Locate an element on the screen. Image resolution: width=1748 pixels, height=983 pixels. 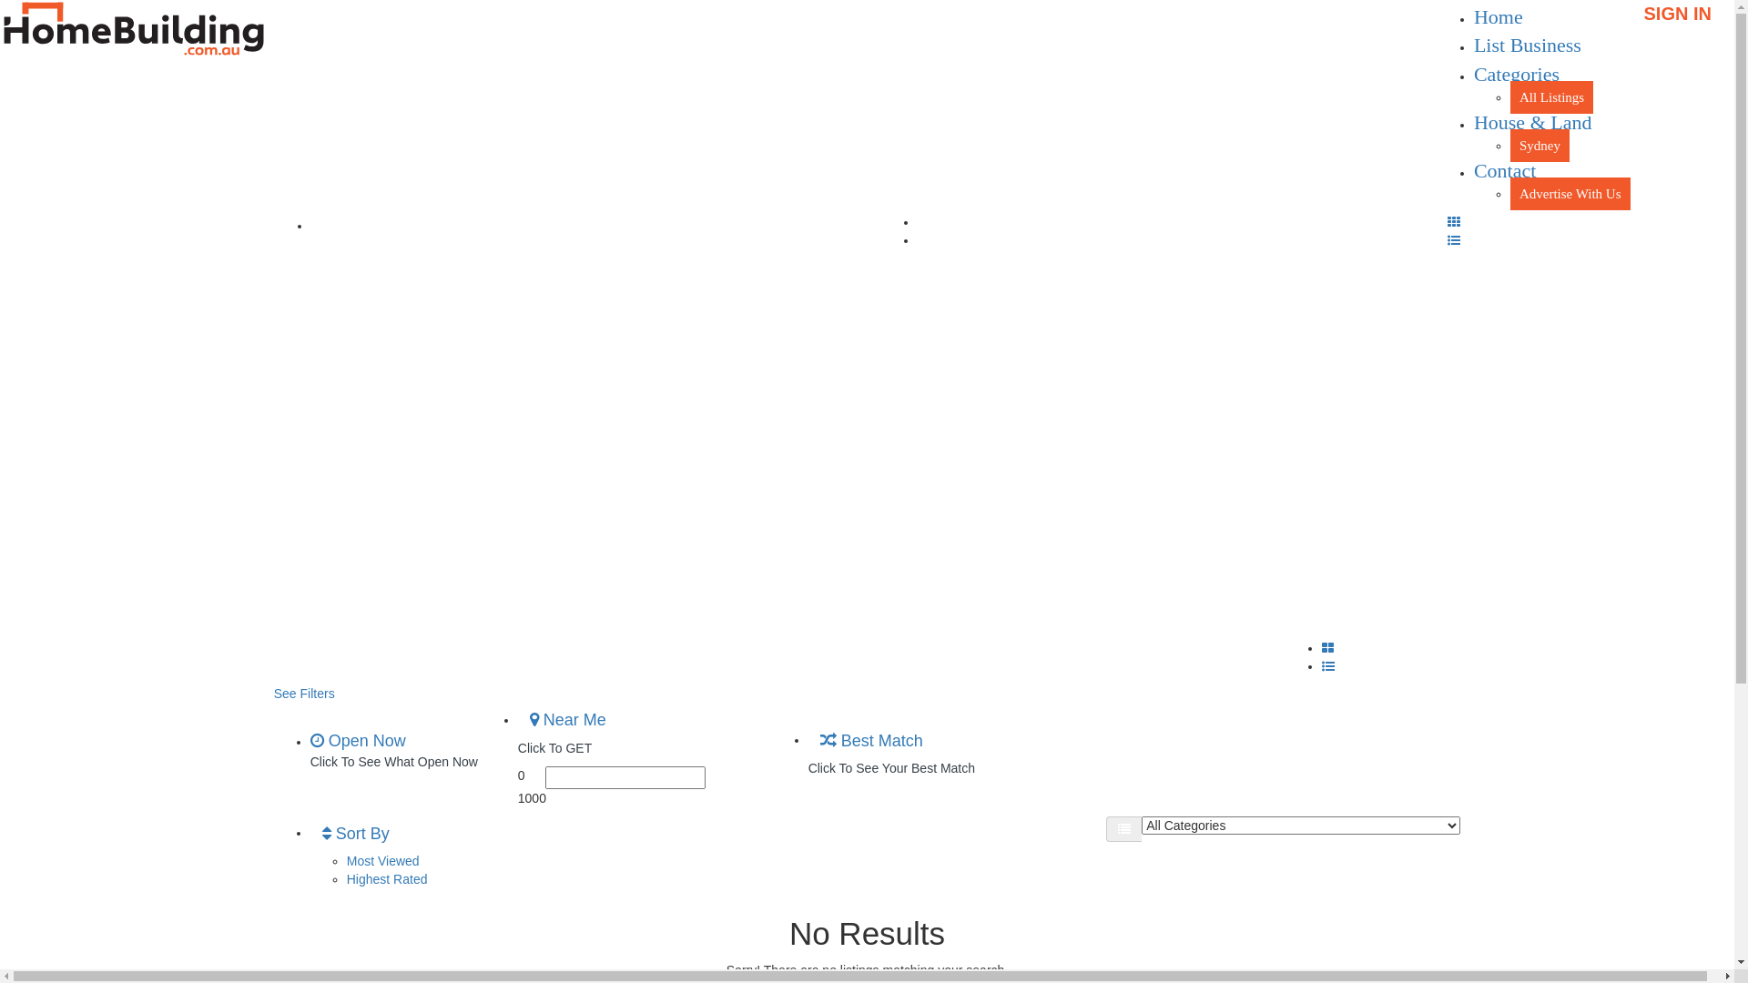
'SIGN IN' is located at coordinates (1677, 14).